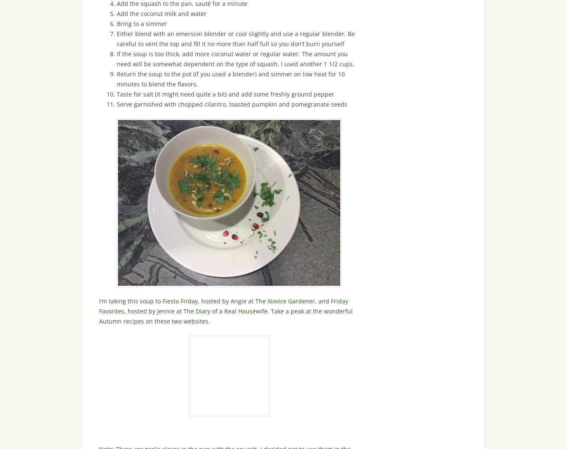 This screenshot has width=567, height=449. I want to click on 'I’m taking this soup to', so click(130, 300).